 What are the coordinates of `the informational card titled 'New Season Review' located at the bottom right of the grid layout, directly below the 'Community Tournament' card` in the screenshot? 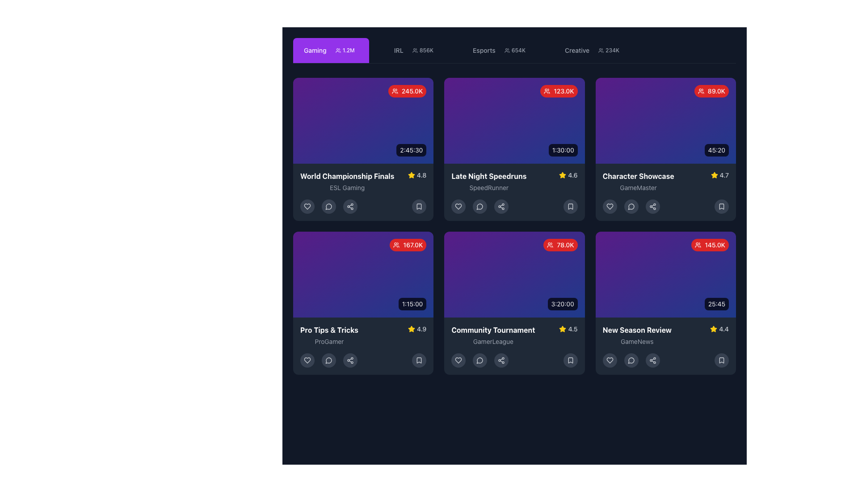 It's located at (665, 346).